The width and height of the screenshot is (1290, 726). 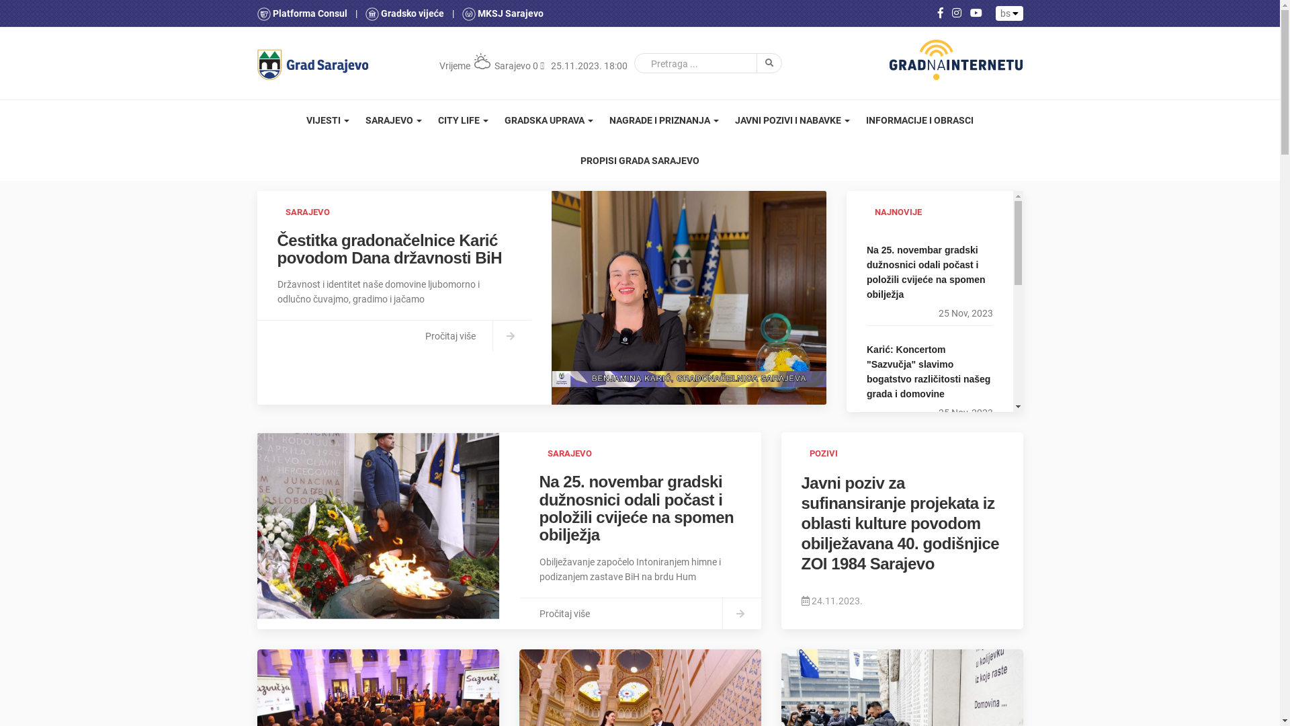 What do you see at coordinates (302, 13) in the screenshot?
I see `'Platforma Consul'` at bounding box center [302, 13].